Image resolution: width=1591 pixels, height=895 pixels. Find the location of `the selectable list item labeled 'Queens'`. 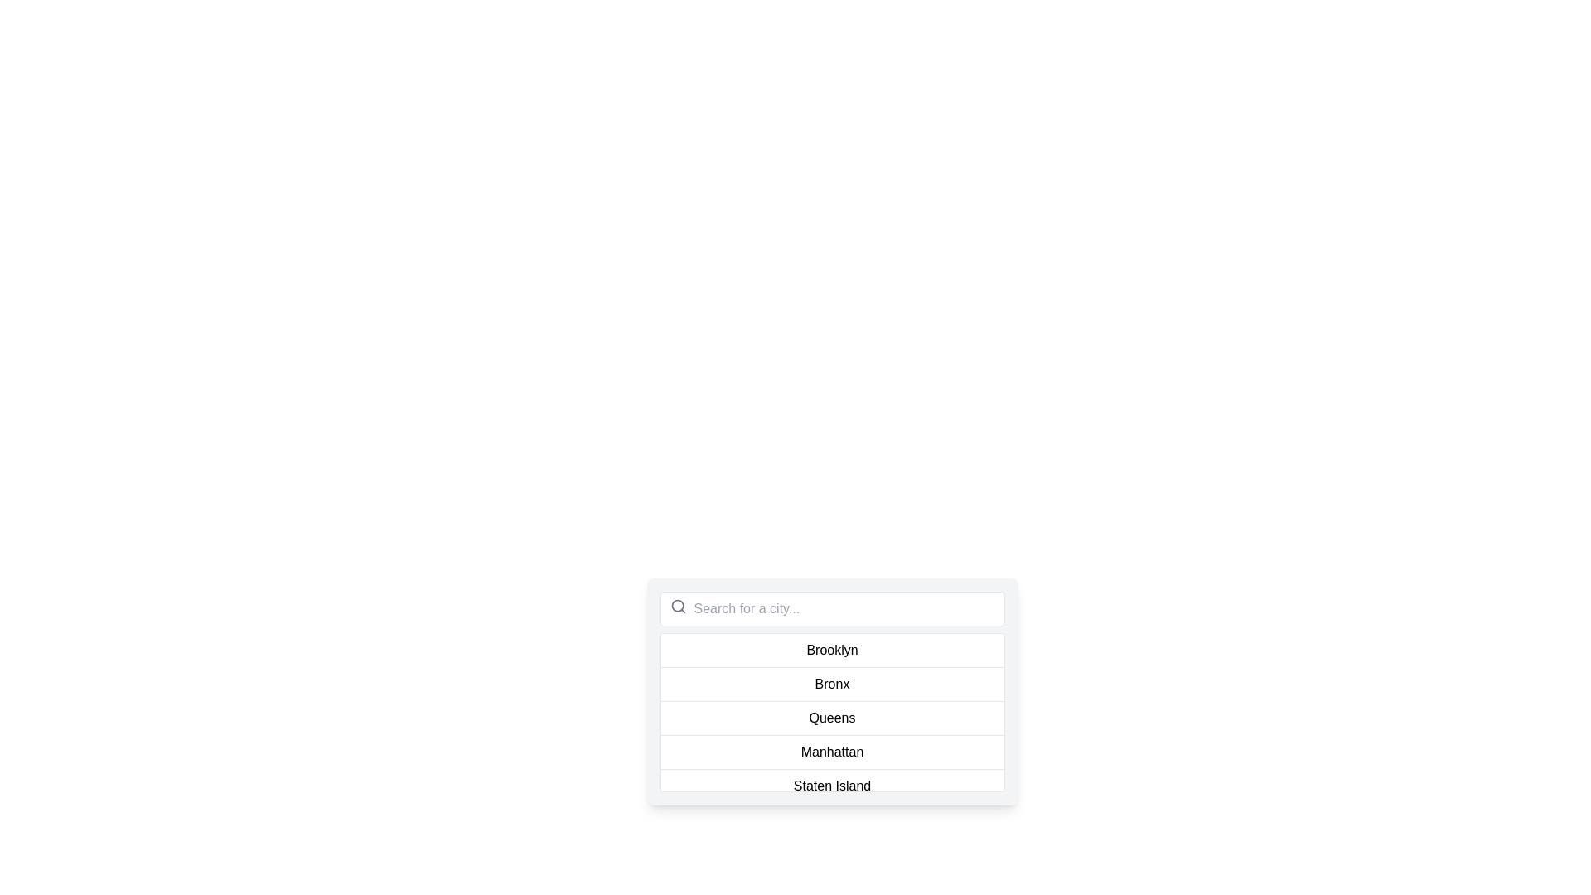

the selectable list item labeled 'Queens' is located at coordinates (832, 718).